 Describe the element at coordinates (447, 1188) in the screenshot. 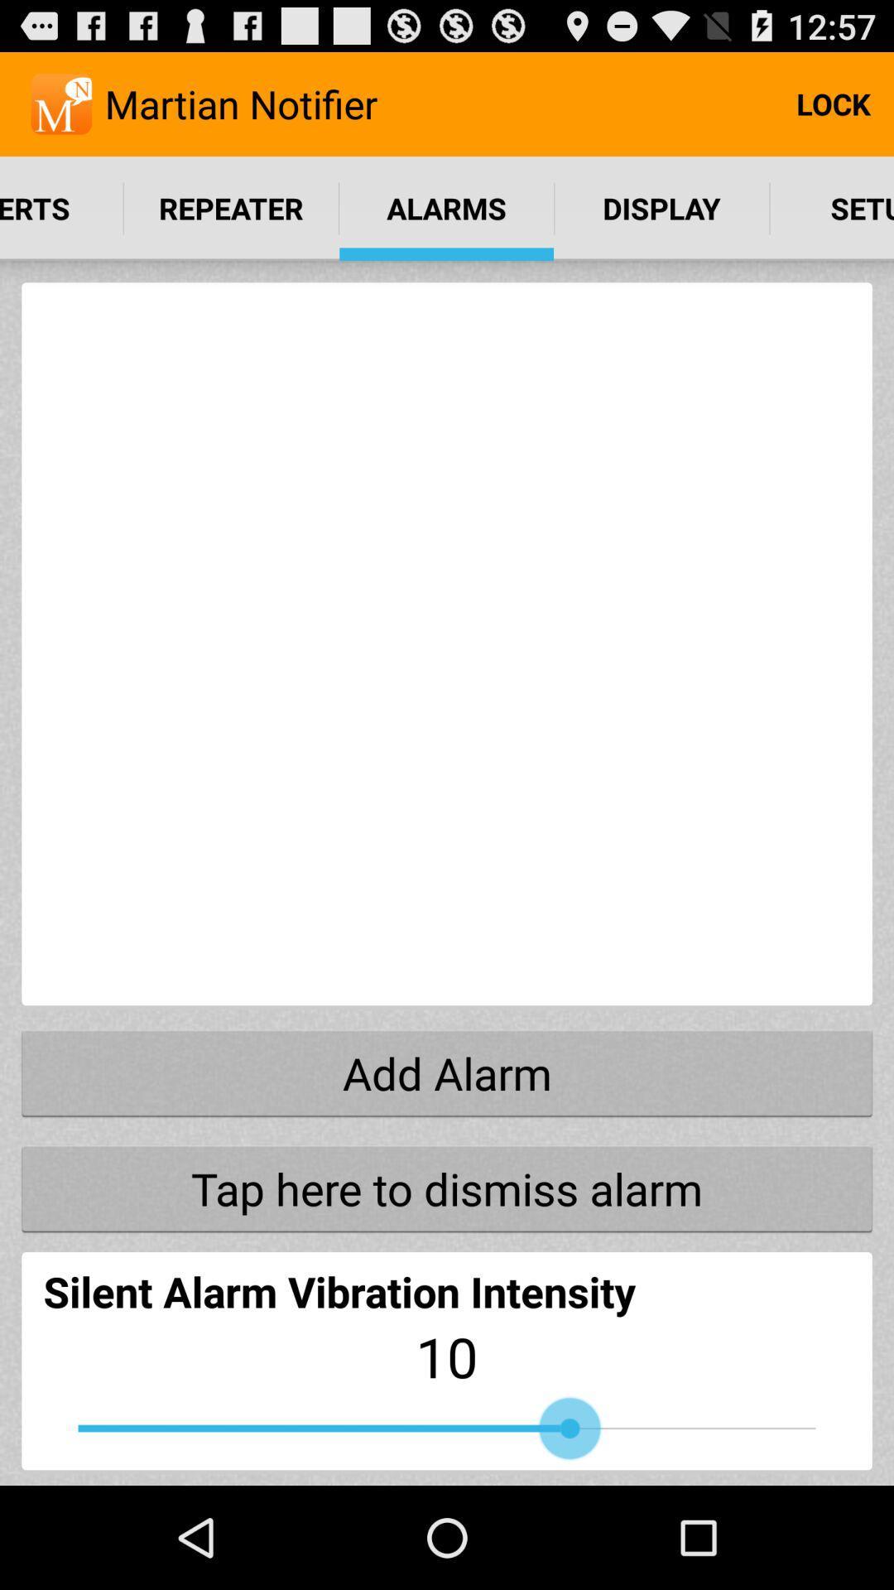

I see `the tap here to item` at that location.